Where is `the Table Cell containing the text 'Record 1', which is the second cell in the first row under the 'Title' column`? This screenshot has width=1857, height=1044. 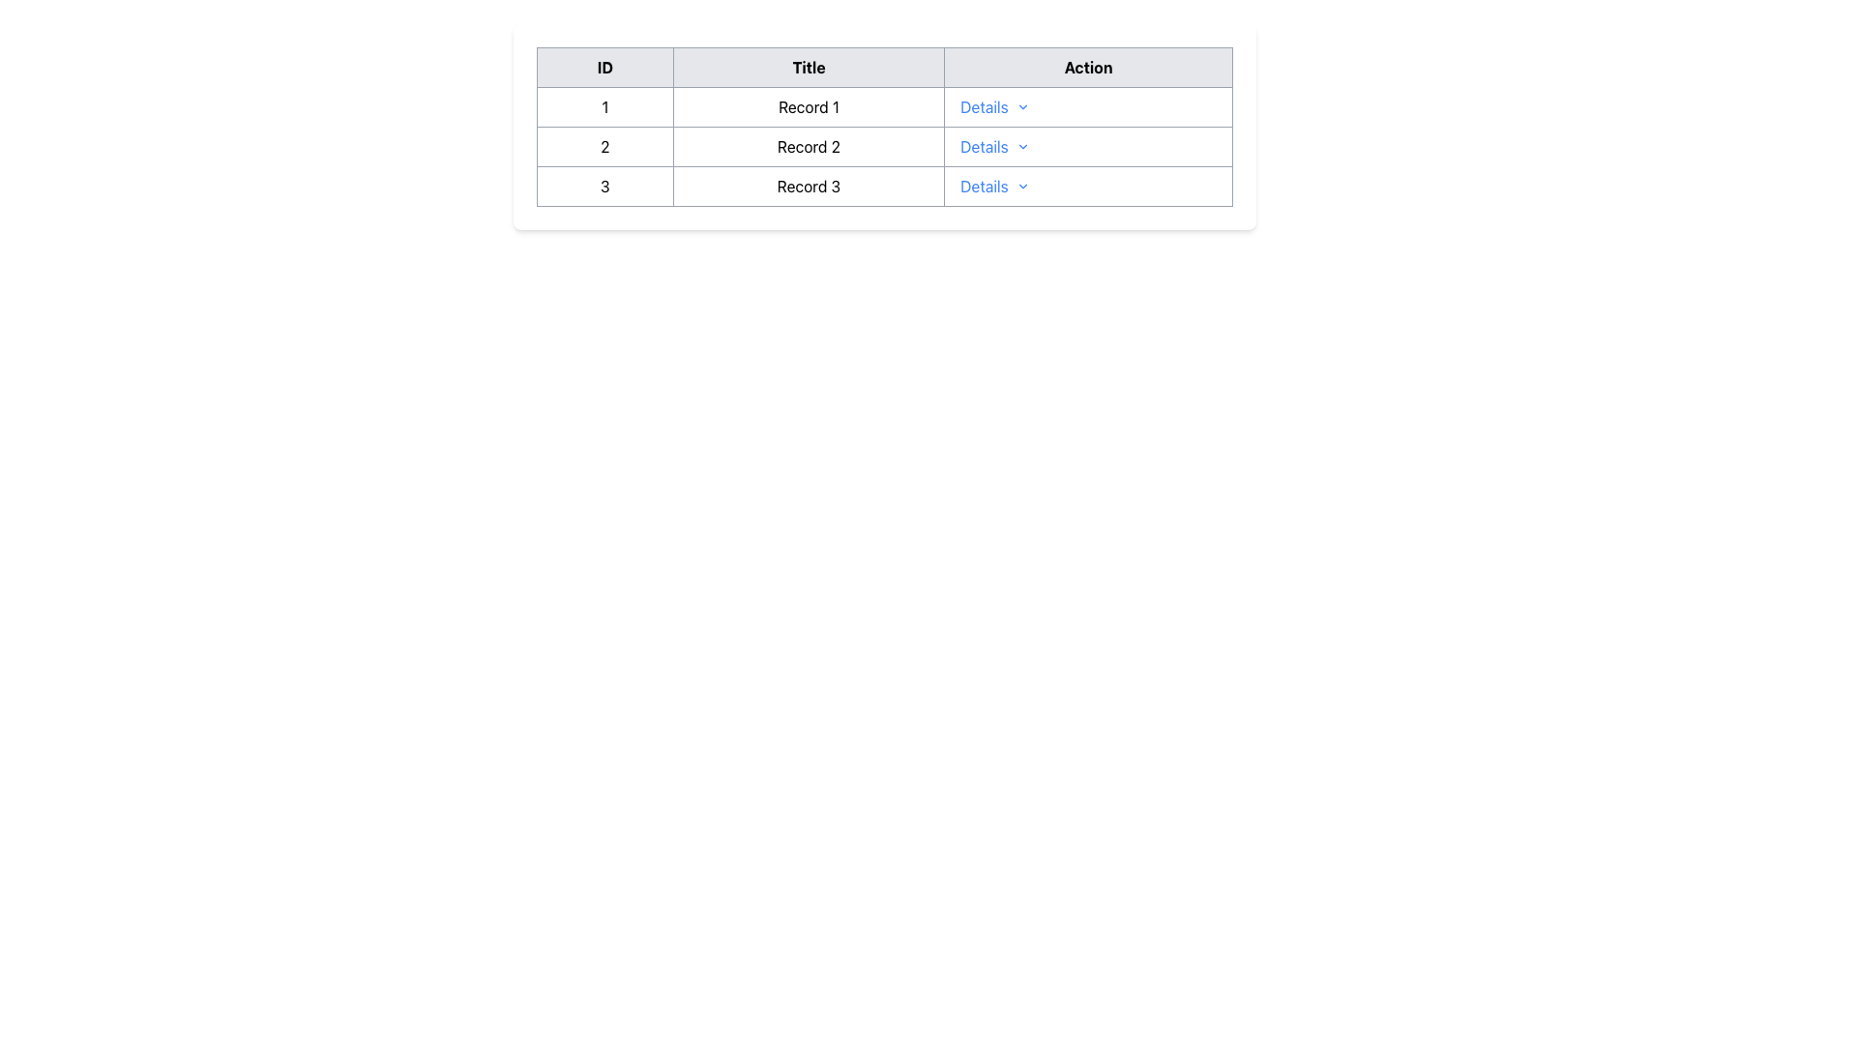 the Table Cell containing the text 'Record 1', which is the second cell in the first row under the 'Title' column is located at coordinates (809, 107).